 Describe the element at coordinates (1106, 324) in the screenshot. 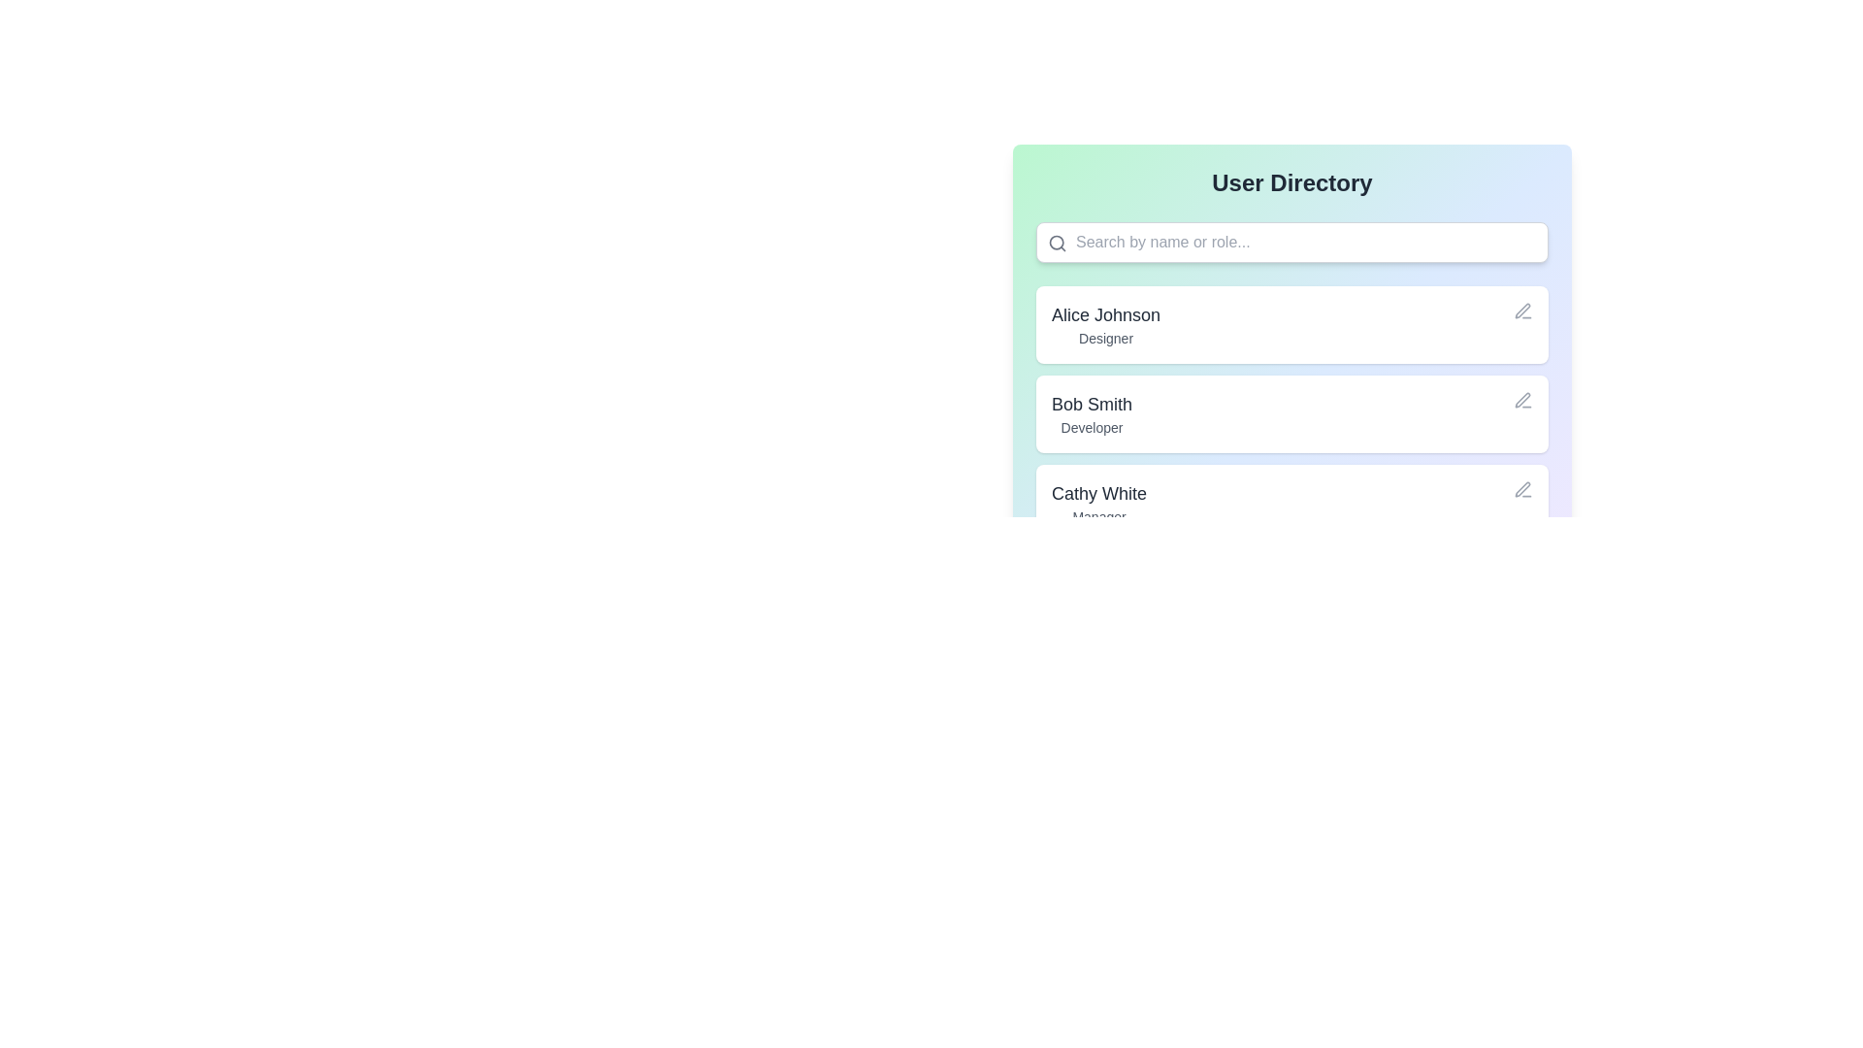

I see `the text label displaying 'Alice Johnson, Designer' in the 'User Directory' section, which is the top entry in the list` at that location.